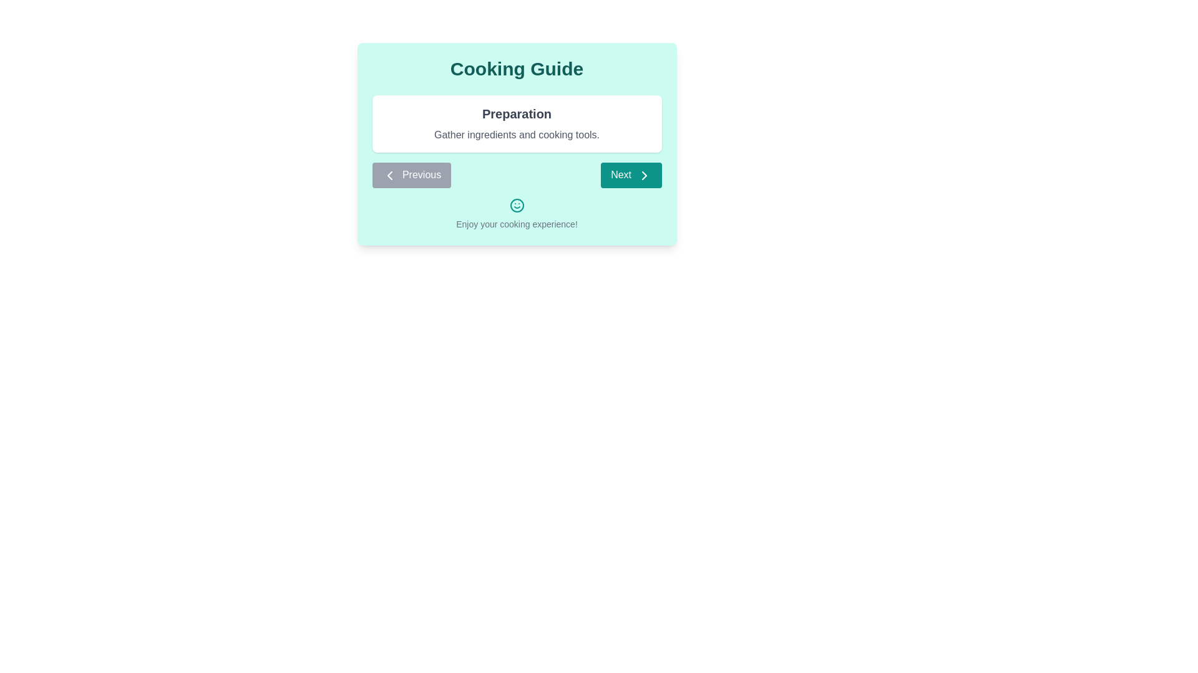 The width and height of the screenshot is (1198, 673). Describe the element at coordinates (644, 175) in the screenshot. I see `the chevron icon located within the right side of the green 'Next' button` at that location.